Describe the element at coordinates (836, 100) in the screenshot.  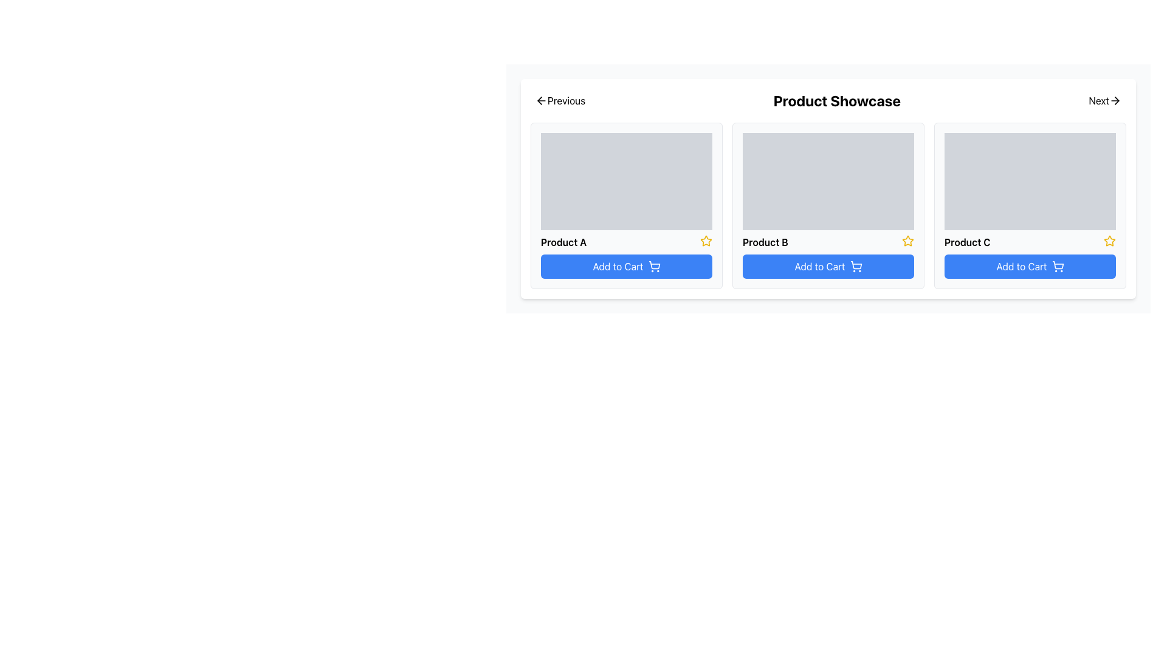
I see `the central Text Label that serves as a title for the section, positioned between 'Previous' and 'Next' labels, above the product cards` at that location.